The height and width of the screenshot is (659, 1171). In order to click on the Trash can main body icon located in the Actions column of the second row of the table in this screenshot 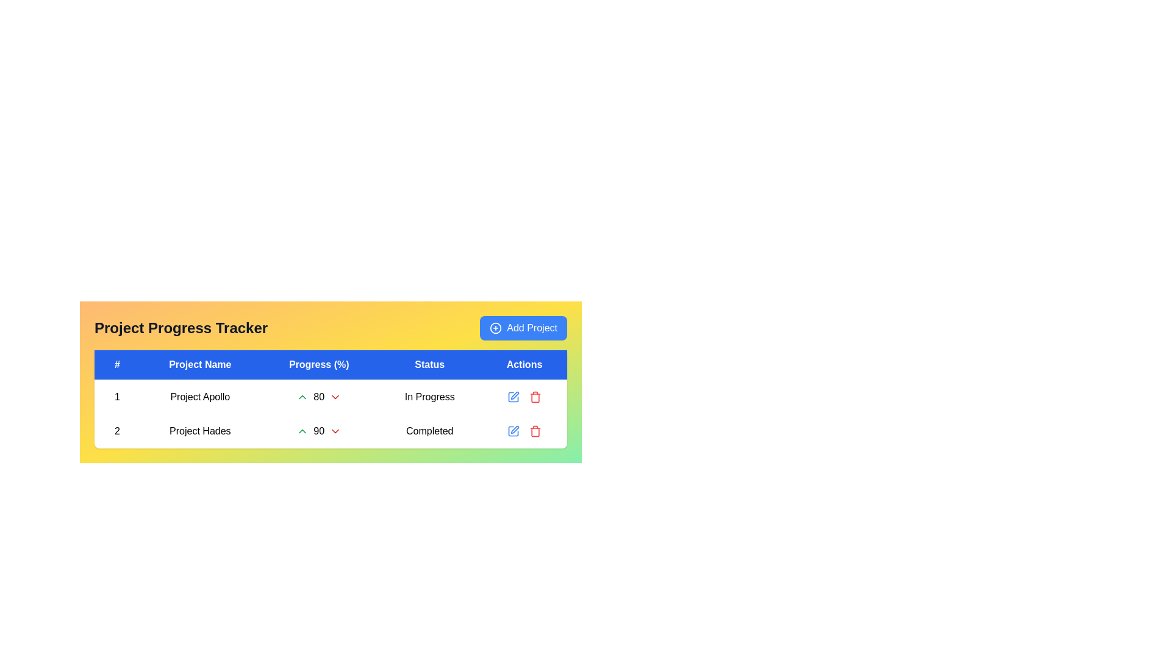, I will do `click(535, 398)`.